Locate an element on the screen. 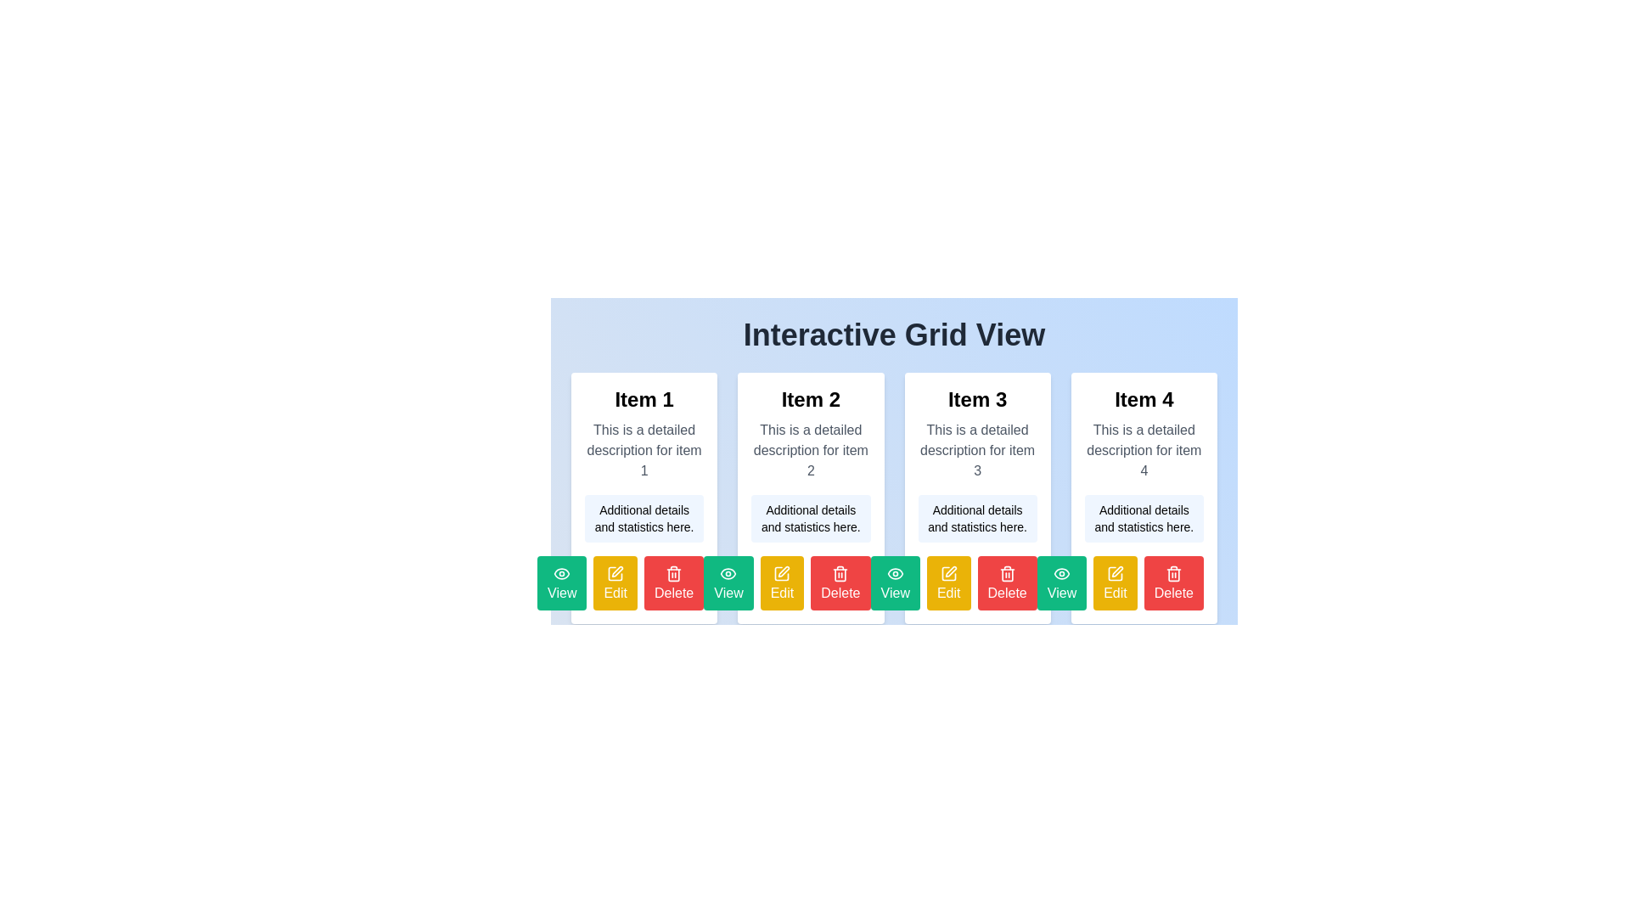 The height and width of the screenshot is (917, 1630). the decorative delete action icon located on the bottom-right side of the second card in the grid layout, which reinforces the delete button functionality is located at coordinates (840, 573).